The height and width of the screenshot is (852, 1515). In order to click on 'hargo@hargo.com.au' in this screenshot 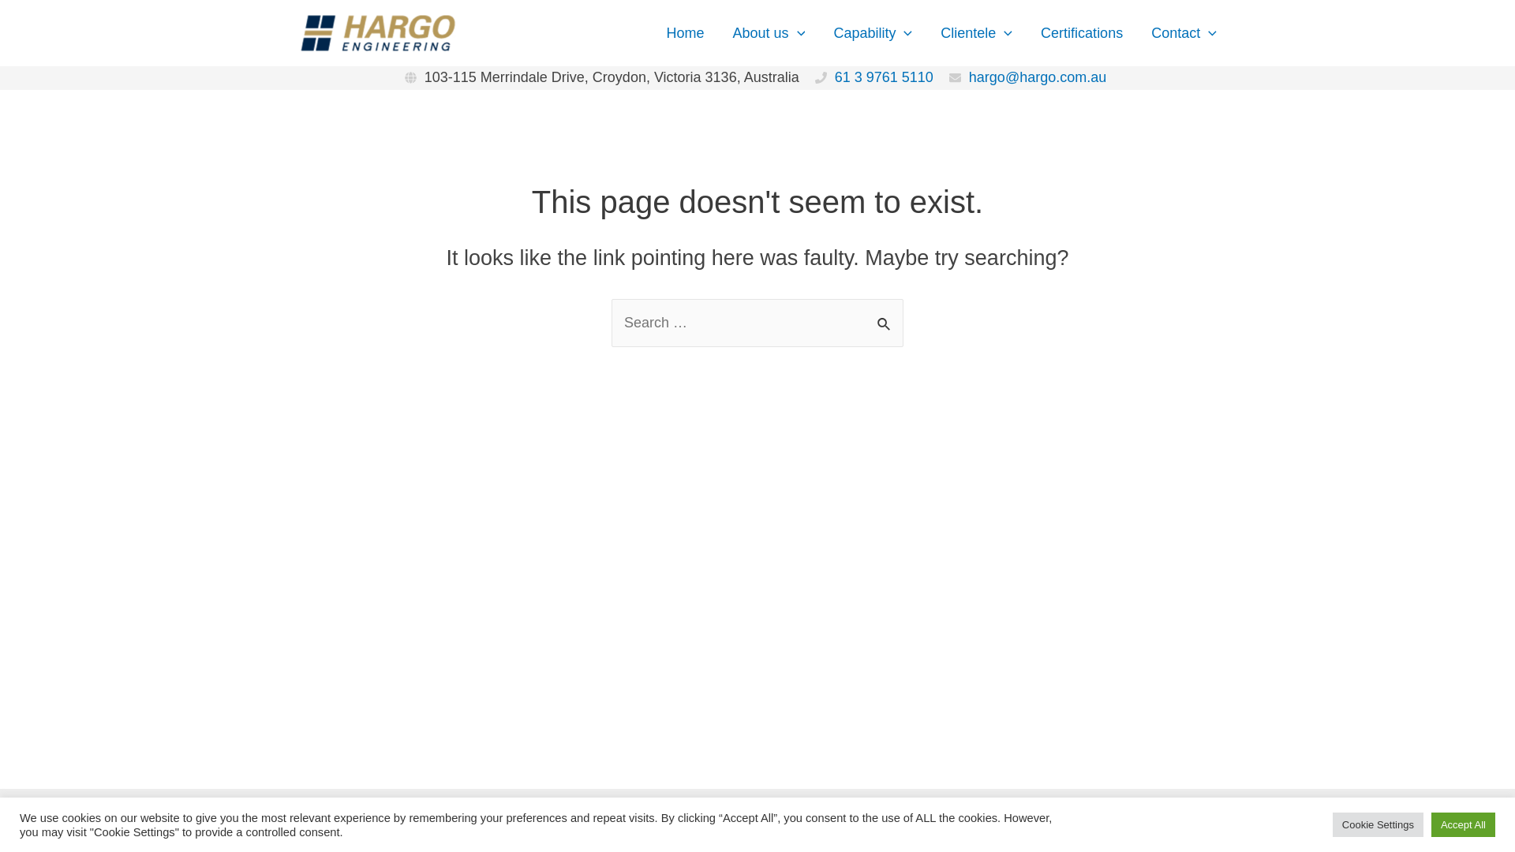, I will do `click(1038, 77)`.